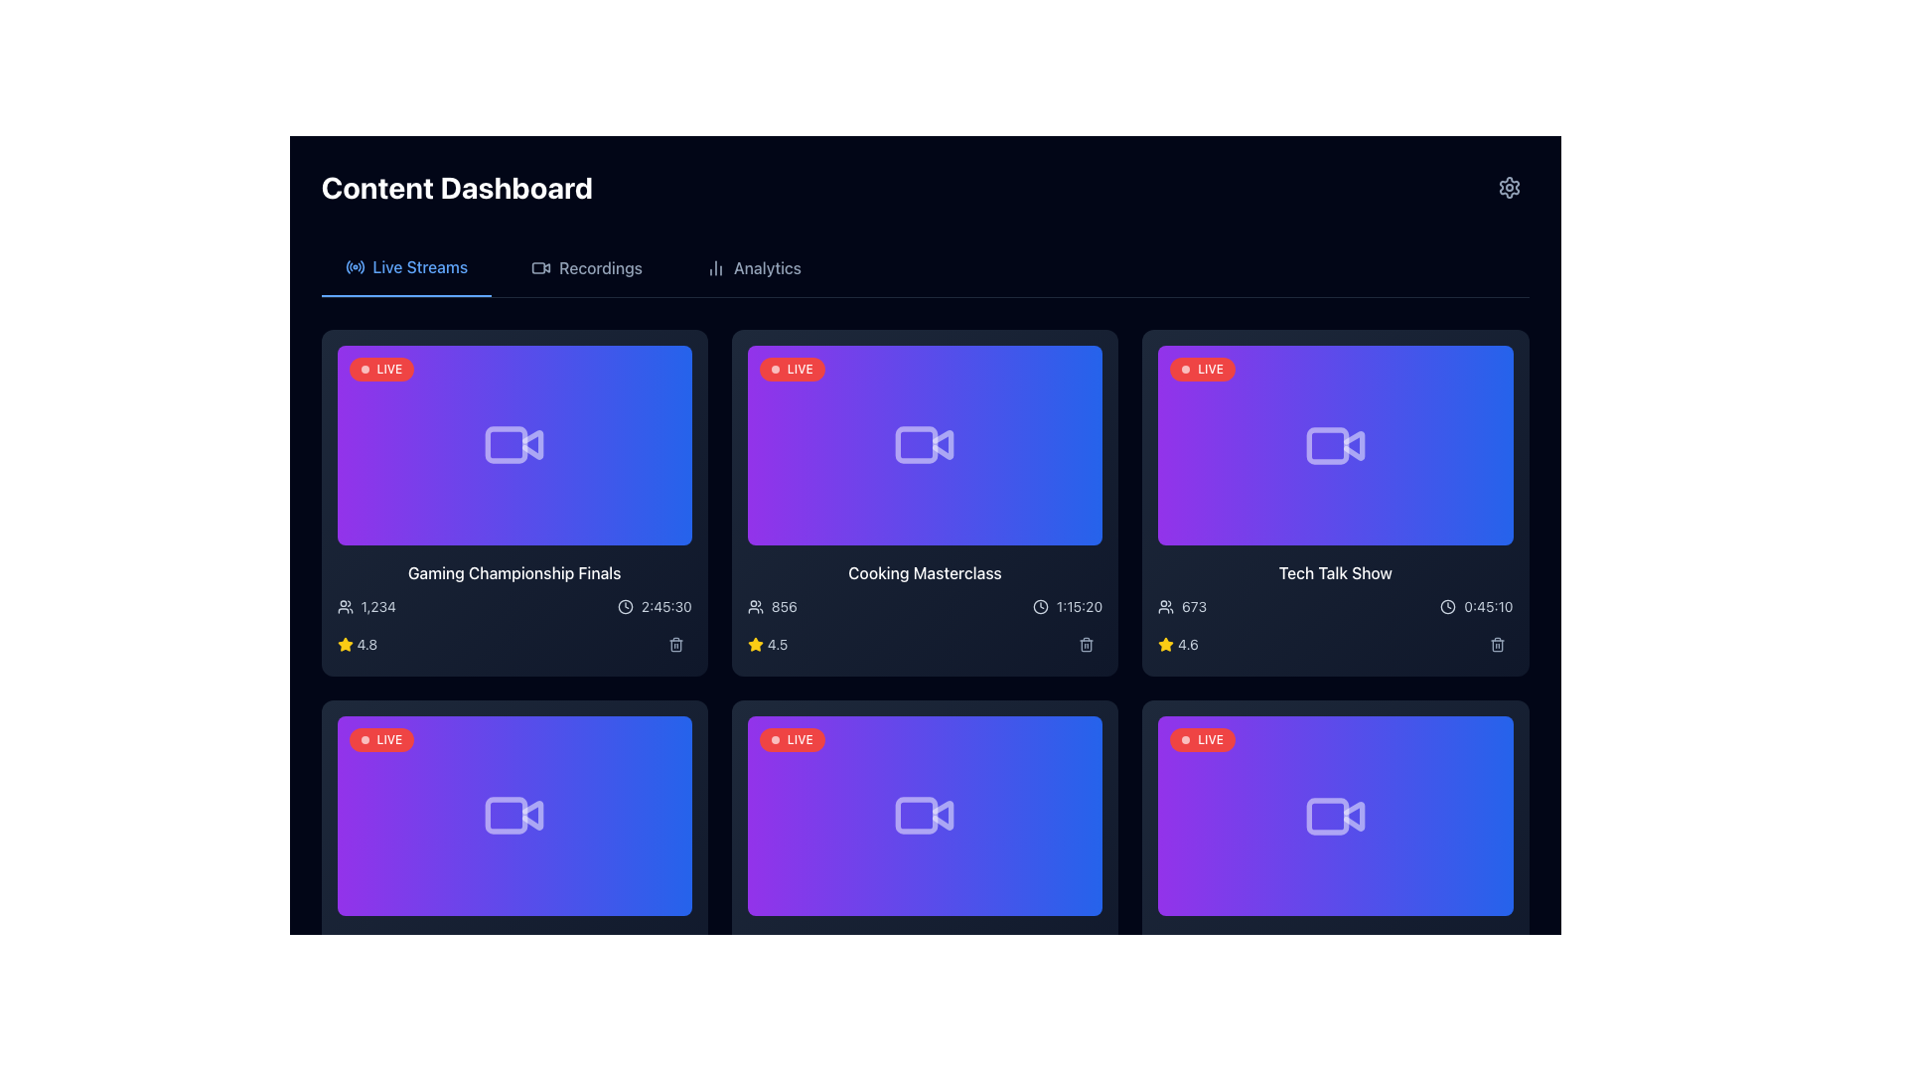 Image resolution: width=1907 pixels, height=1073 pixels. Describe the element at coordinates (1166, 644) in the screenshot. I see `the Graphics Icon located in the bottom row of the third card in the grid layout of the dashboard, adjacent to the numerical rating '4.6'` at that location.